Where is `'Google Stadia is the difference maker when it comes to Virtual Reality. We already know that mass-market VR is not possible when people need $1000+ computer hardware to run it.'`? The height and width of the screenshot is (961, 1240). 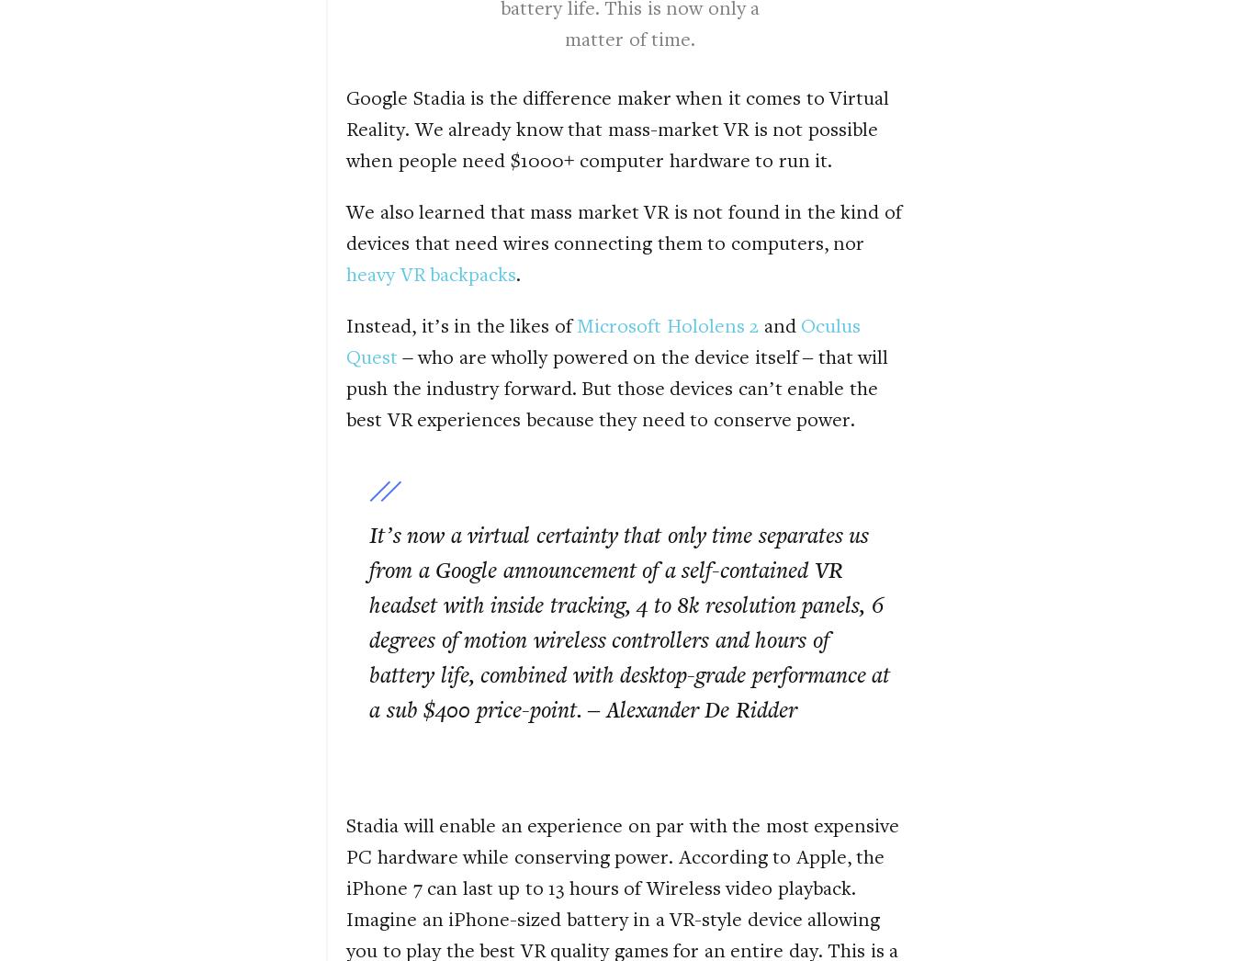 'Google Stadia is the difference maker when it comes to Virtual Reality. We already know that mass-market VR is not possible when people need $1000+ computer hardware to run it.' is located at coordinates (617, 127).